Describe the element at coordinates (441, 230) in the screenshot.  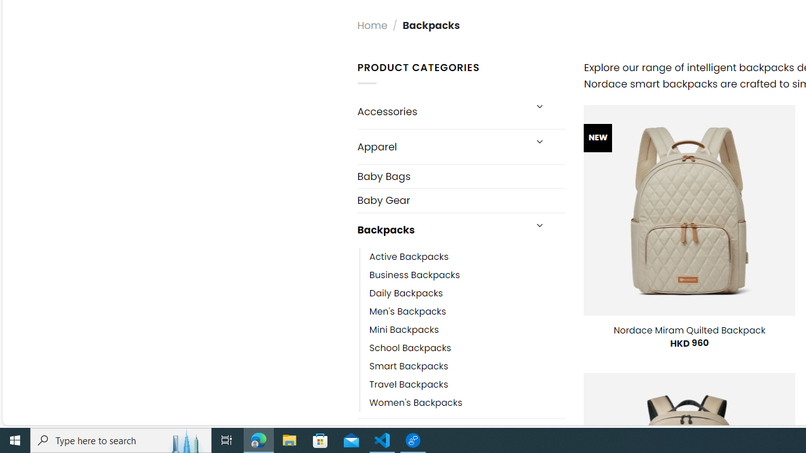
I see `'Backpacks'` at that location.